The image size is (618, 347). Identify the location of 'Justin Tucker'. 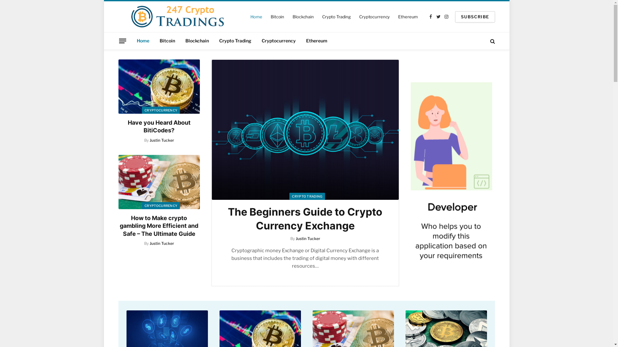
(162, 140).